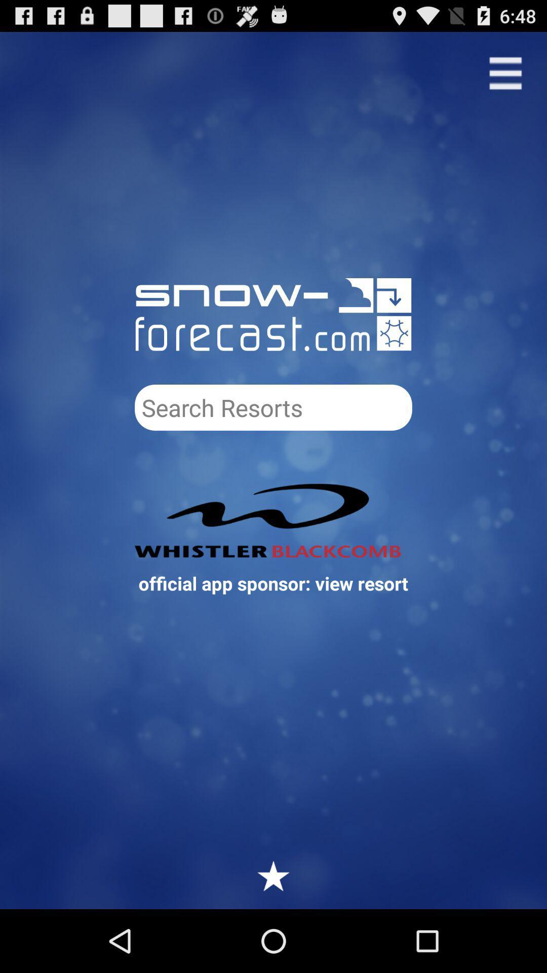 Image resolution: width=547 pixels, height=973 pixels. I want to click on rate application, so click(273, 875).